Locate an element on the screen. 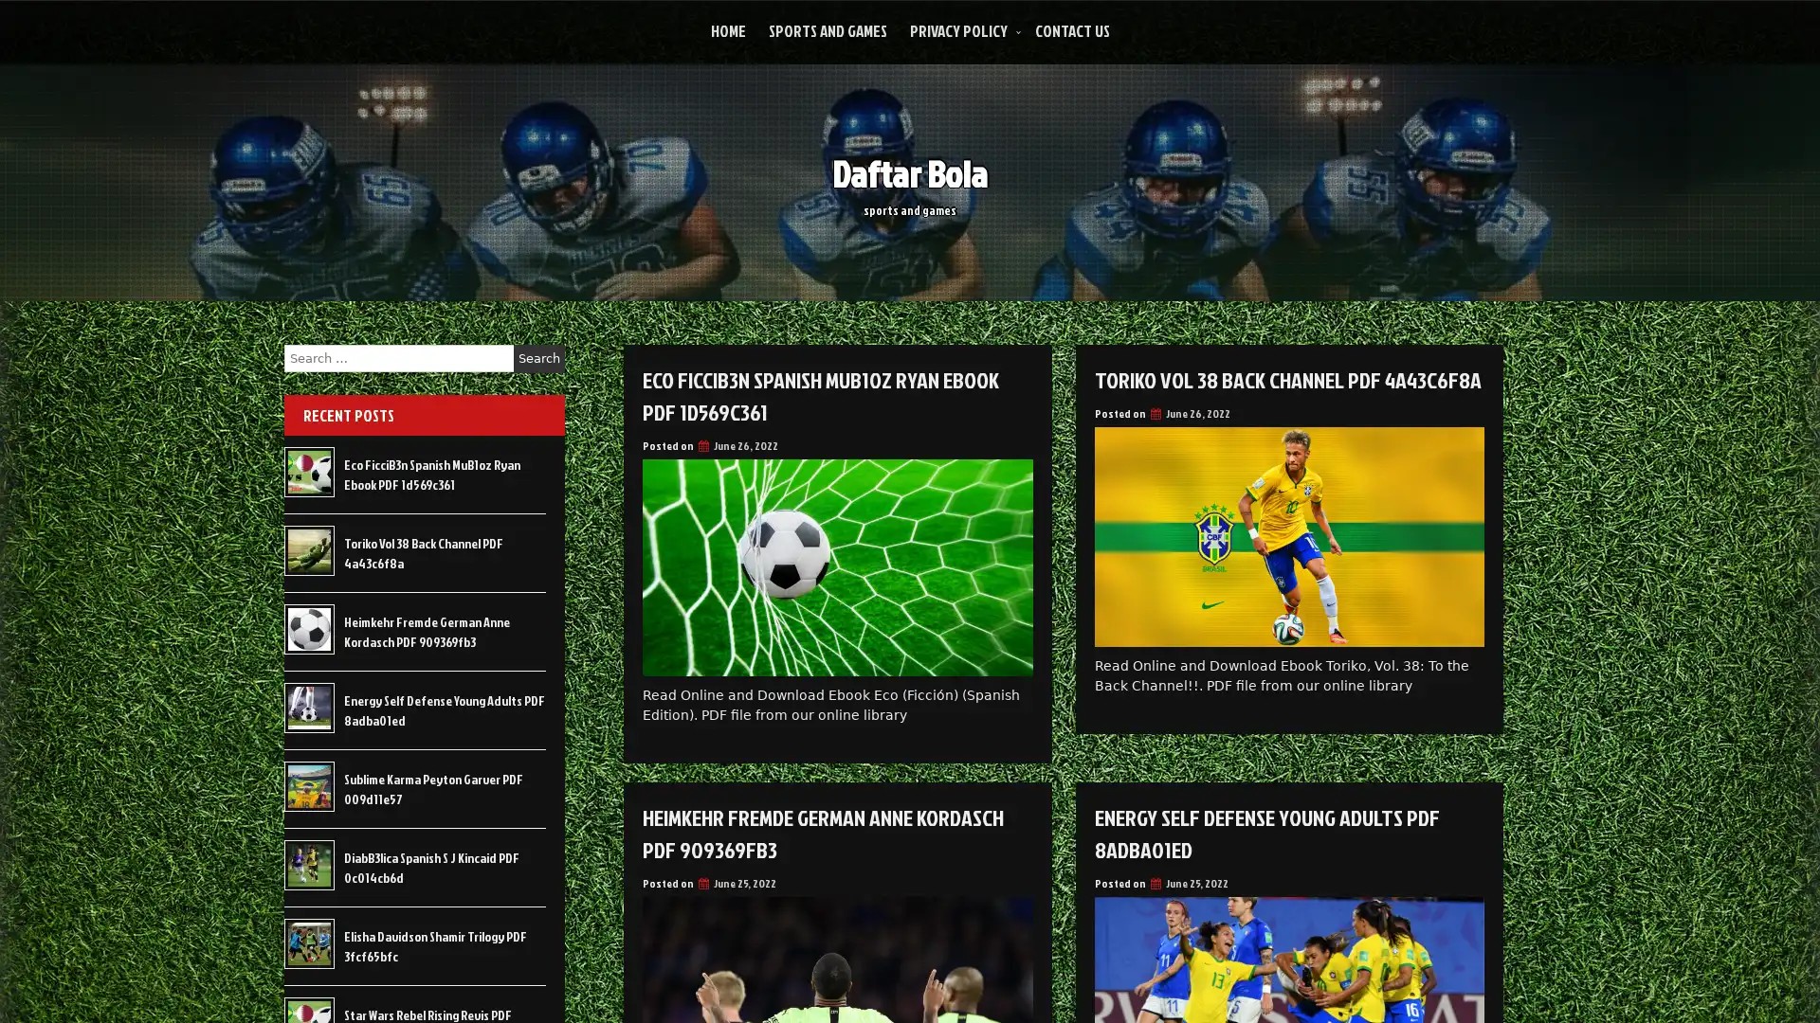 This screenshot has height=1023, width=1820. Search is located at coordinates (538, 358).